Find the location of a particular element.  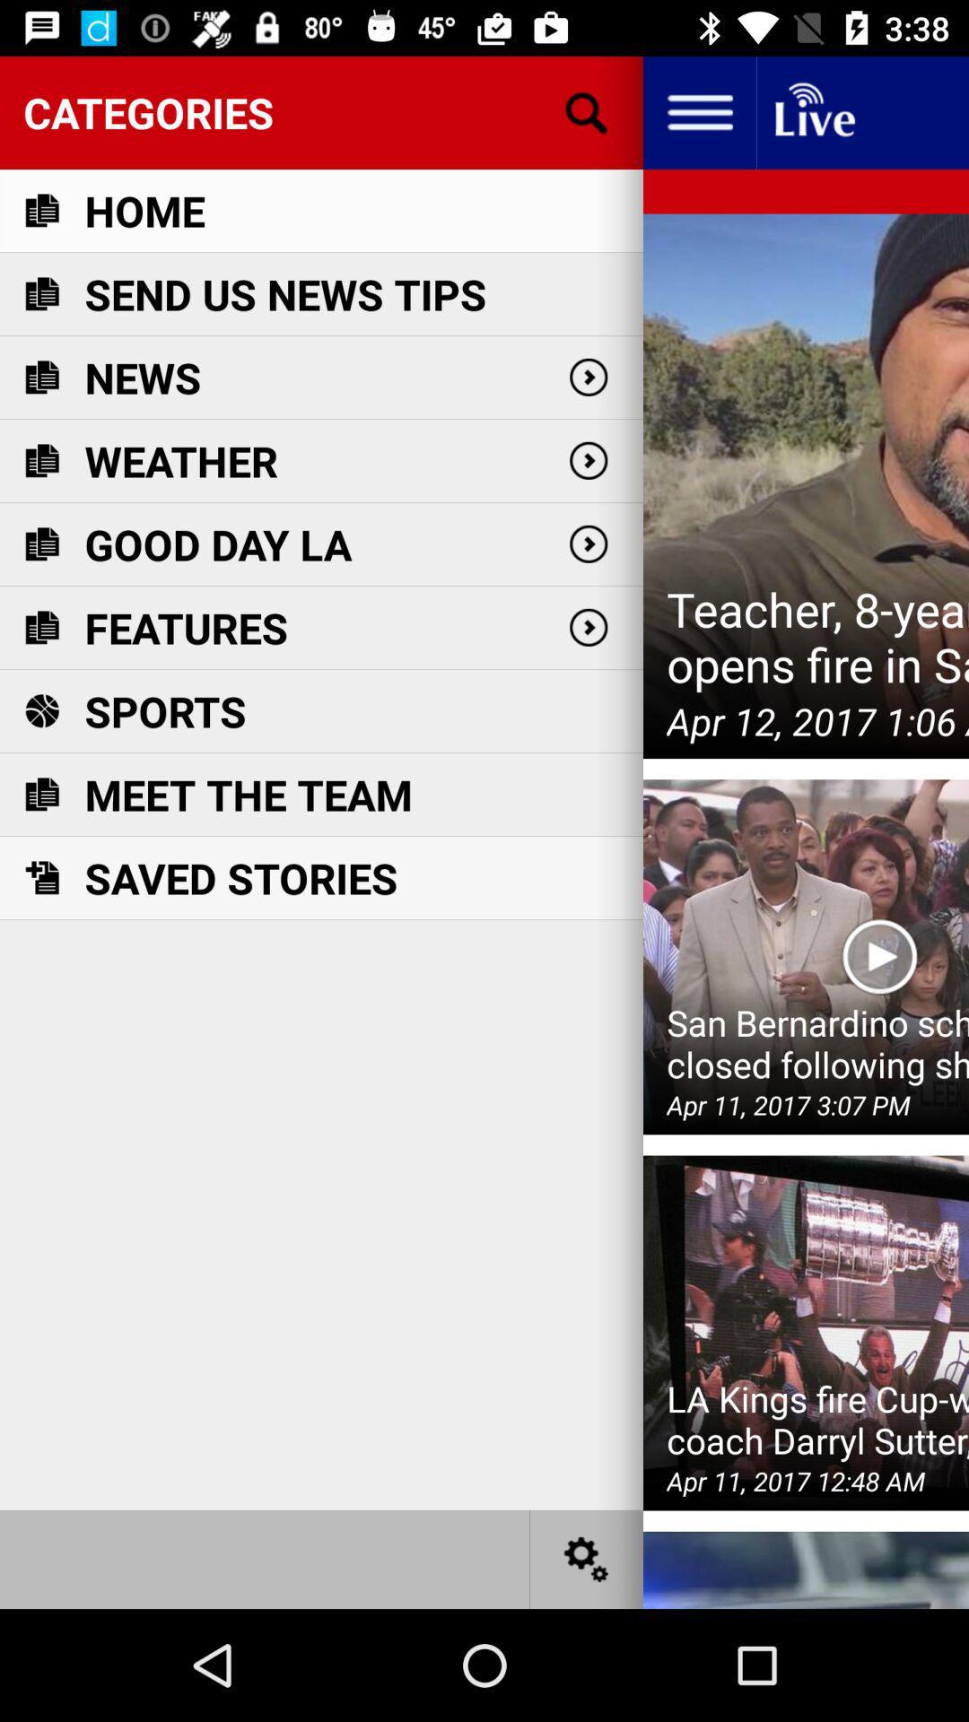

live broadcast is located at coordinates (813, 111).